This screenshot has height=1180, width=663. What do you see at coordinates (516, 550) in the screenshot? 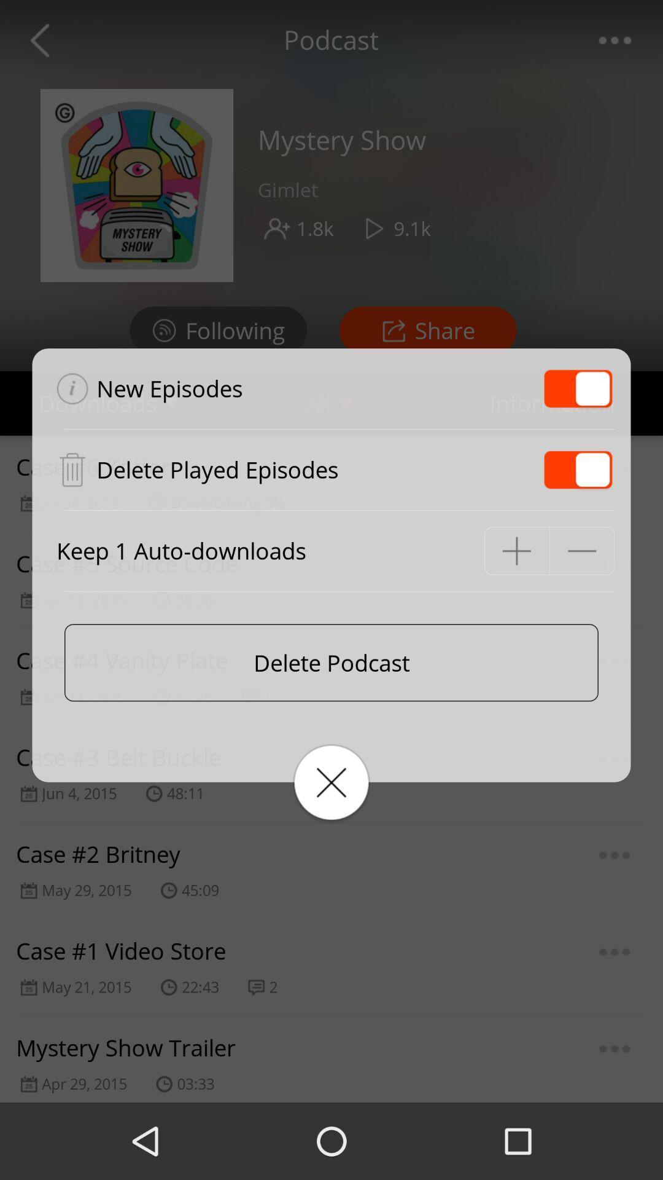
I see `icon next to the keep 1 auto icon` at bounding box center [516, 550].